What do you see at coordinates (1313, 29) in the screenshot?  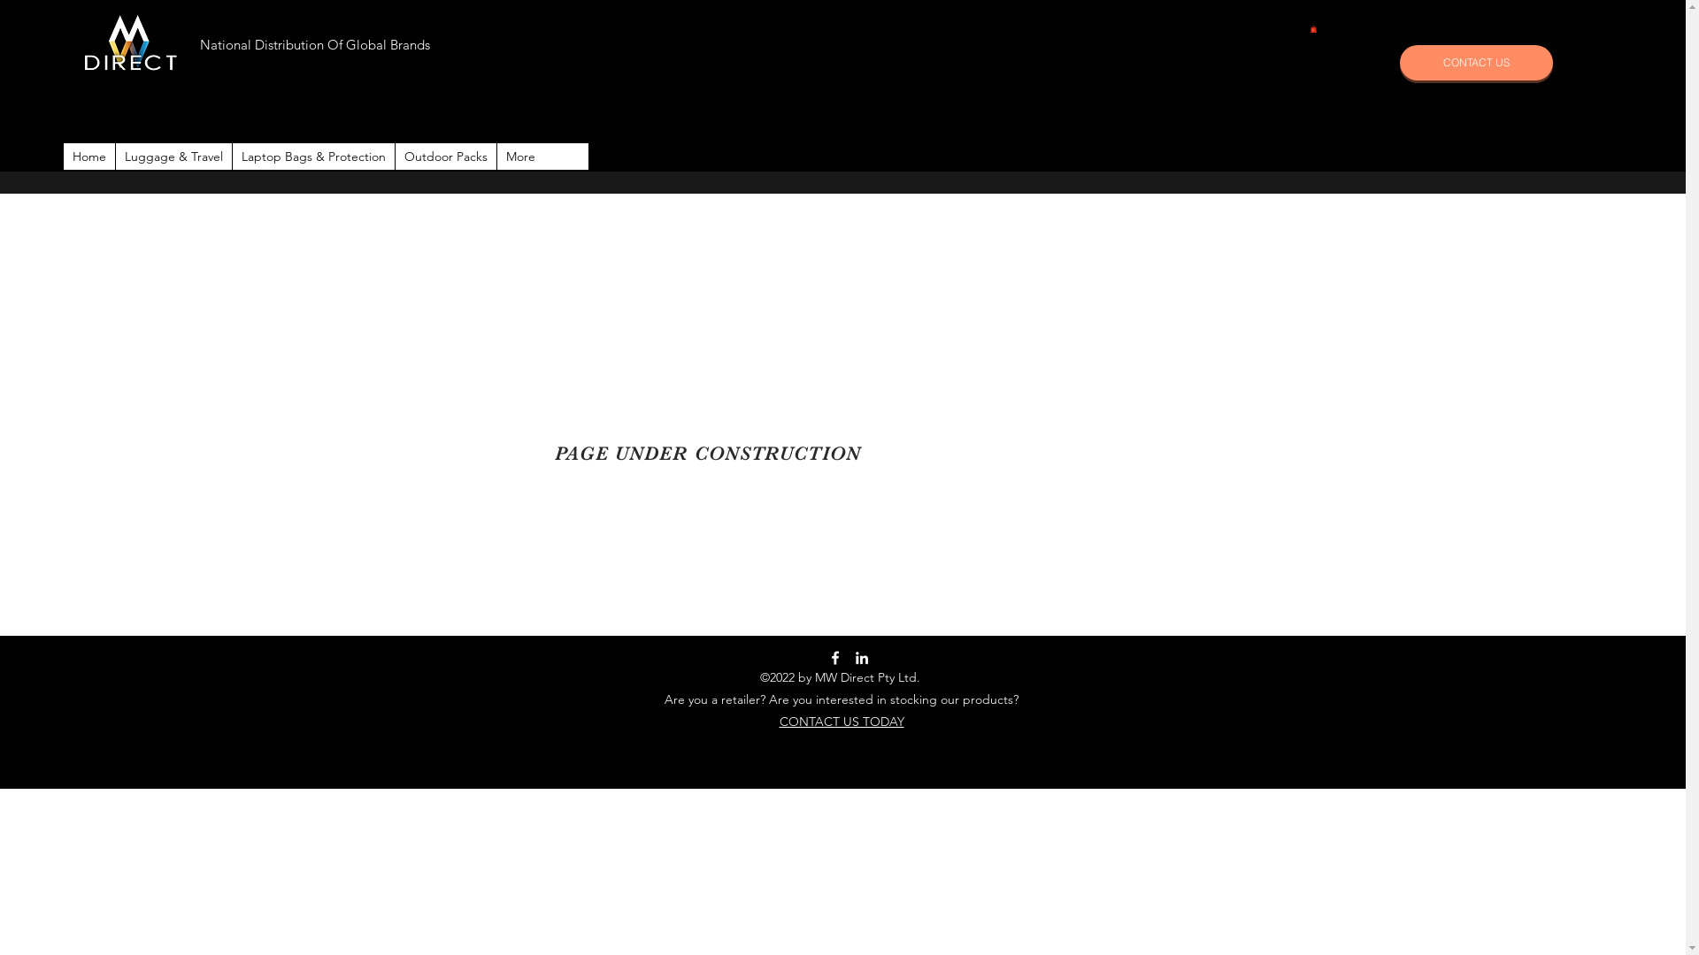 I see `'0'` at bounding box center [1313, 29].